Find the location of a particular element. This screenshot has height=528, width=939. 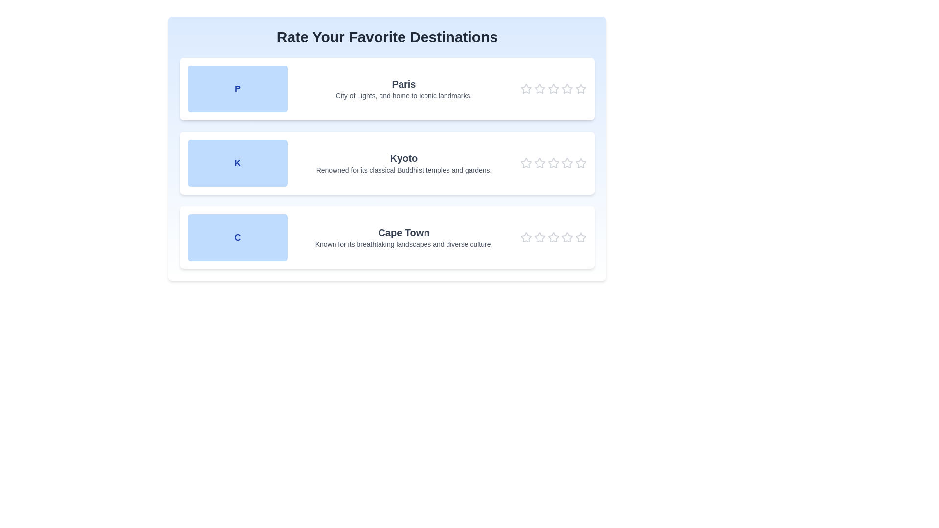

the bold text 'Kyoto', which is styled in a large font size and dark gray color, located at the center of the middle card of a vertically stacked layout is located at coordinates (403, 158).